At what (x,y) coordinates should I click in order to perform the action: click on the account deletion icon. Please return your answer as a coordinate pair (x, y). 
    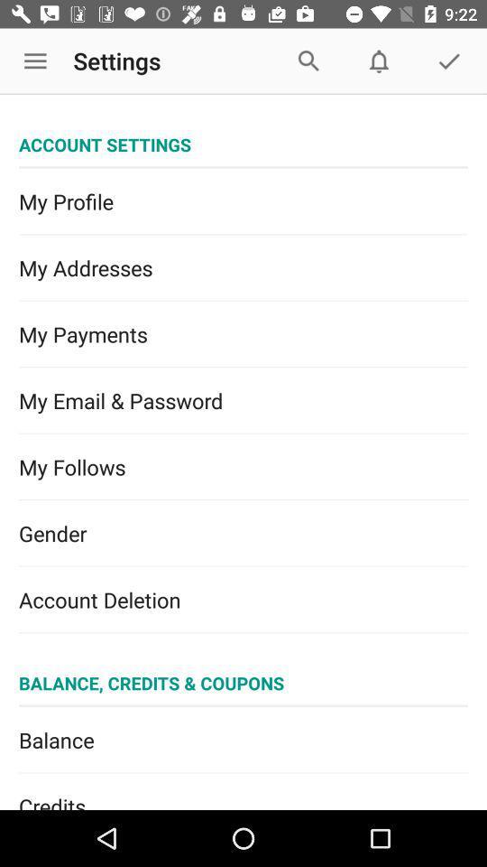
    Looking at the image, I should click on (243, 600).